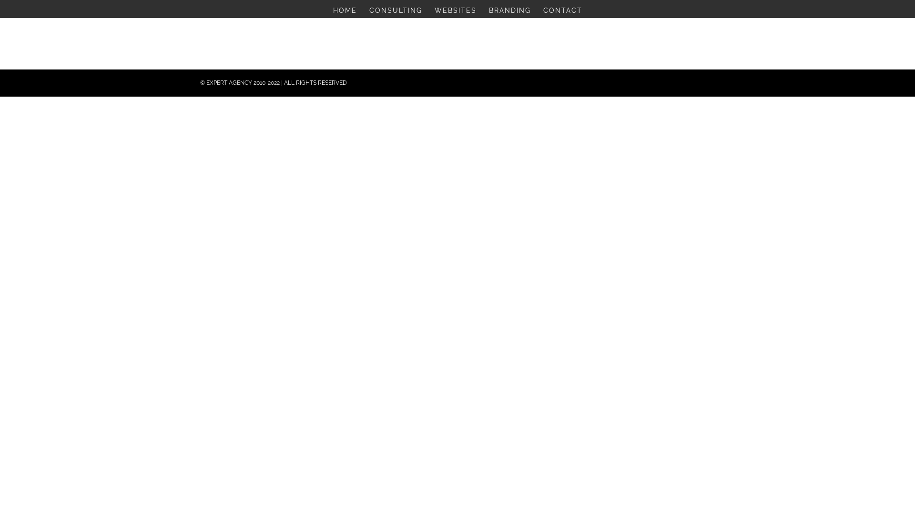 The width and height of the screenshot is (915, 514). What do you see at coordinates (332, 12) in the screenshot?
I see `'HOME'` at bounding box center [332, 12].